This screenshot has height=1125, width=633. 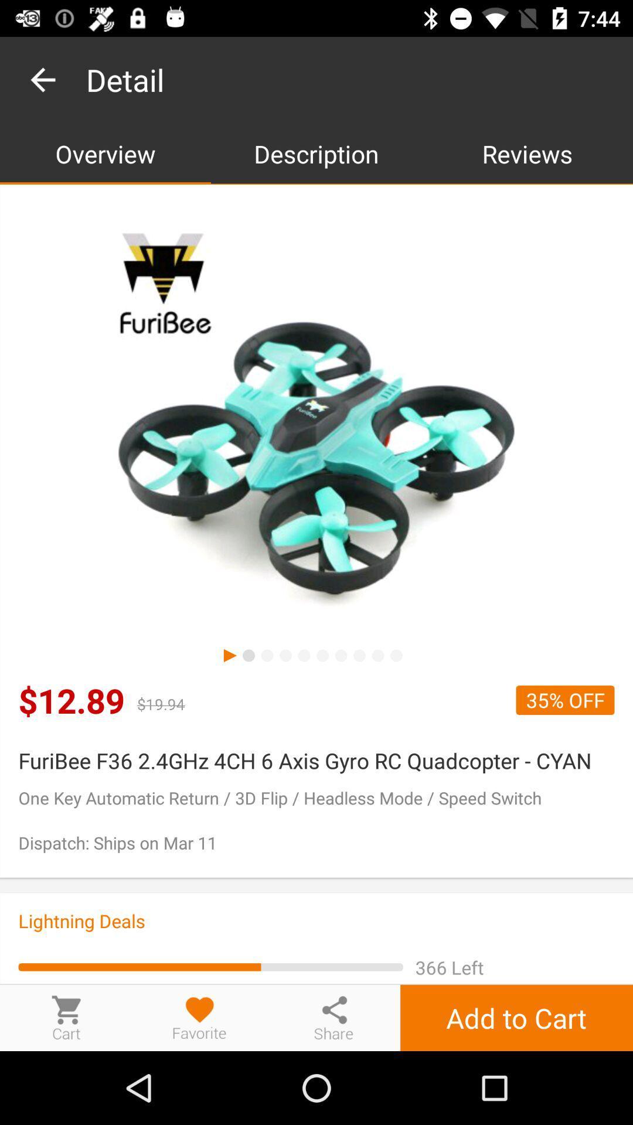 I want to click on share, so click(x=333, y=1017).